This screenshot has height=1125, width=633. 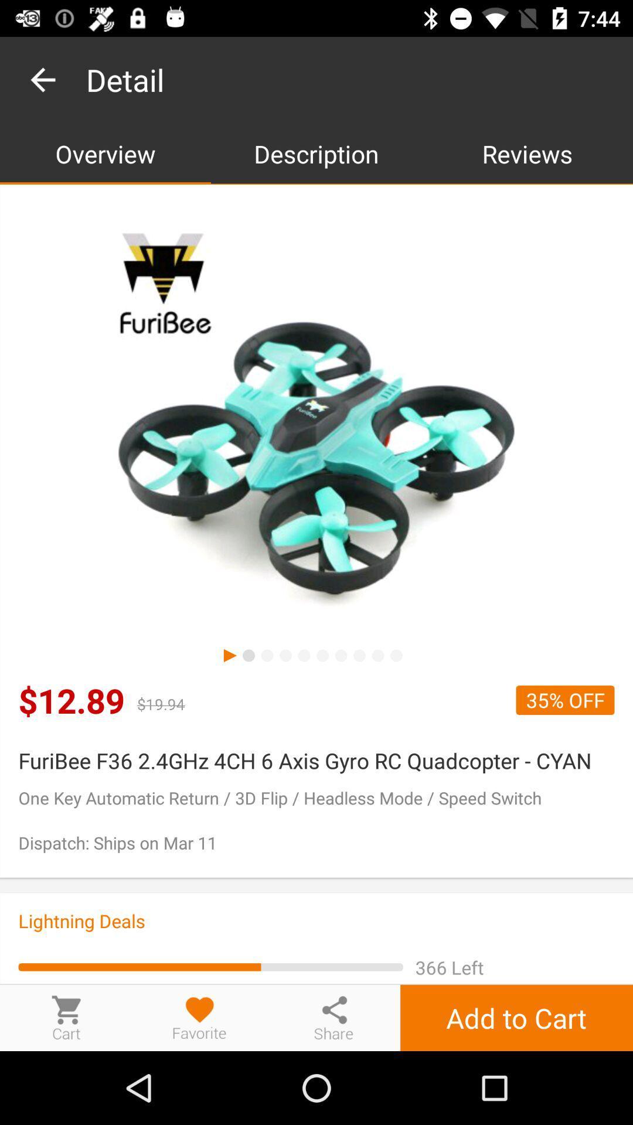 I want to click on share, so click(x=333, y=1017).